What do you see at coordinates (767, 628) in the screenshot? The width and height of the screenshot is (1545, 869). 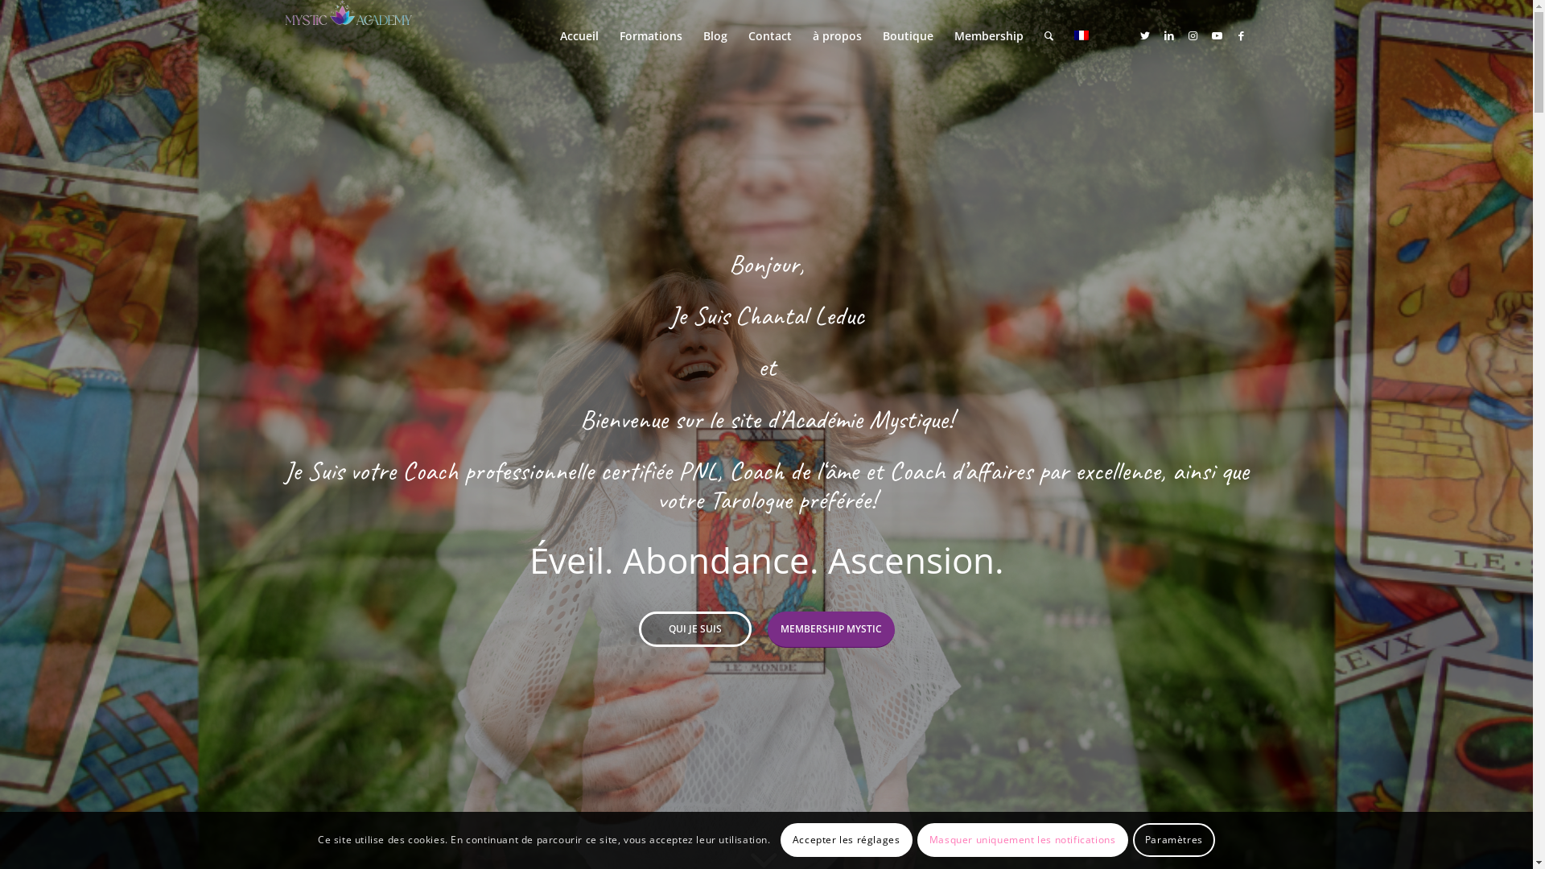 I see `'MEMBERSHIP MYSTIC'` at bounding box center [767, 628].